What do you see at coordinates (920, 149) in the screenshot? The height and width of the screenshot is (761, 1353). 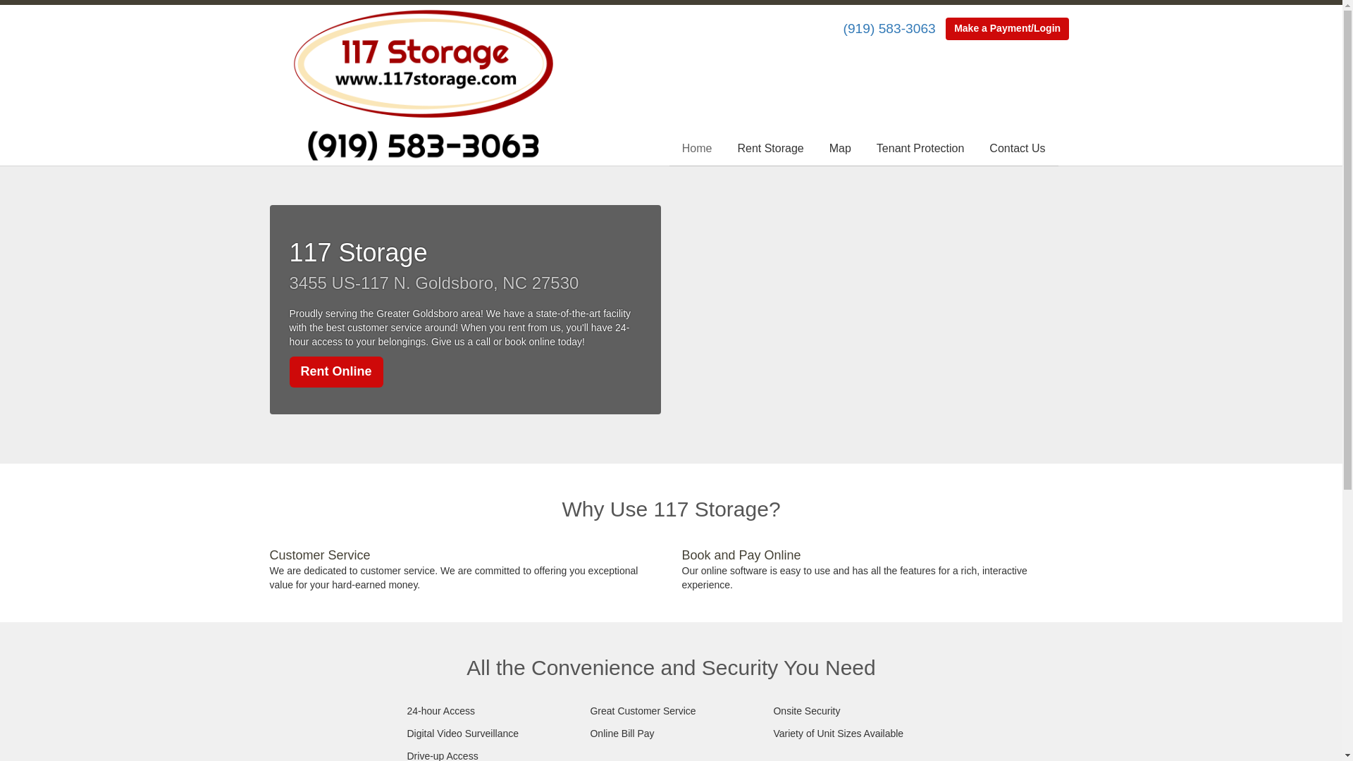 I see `'Tenant Protection'` at bounding box center [920, 149].